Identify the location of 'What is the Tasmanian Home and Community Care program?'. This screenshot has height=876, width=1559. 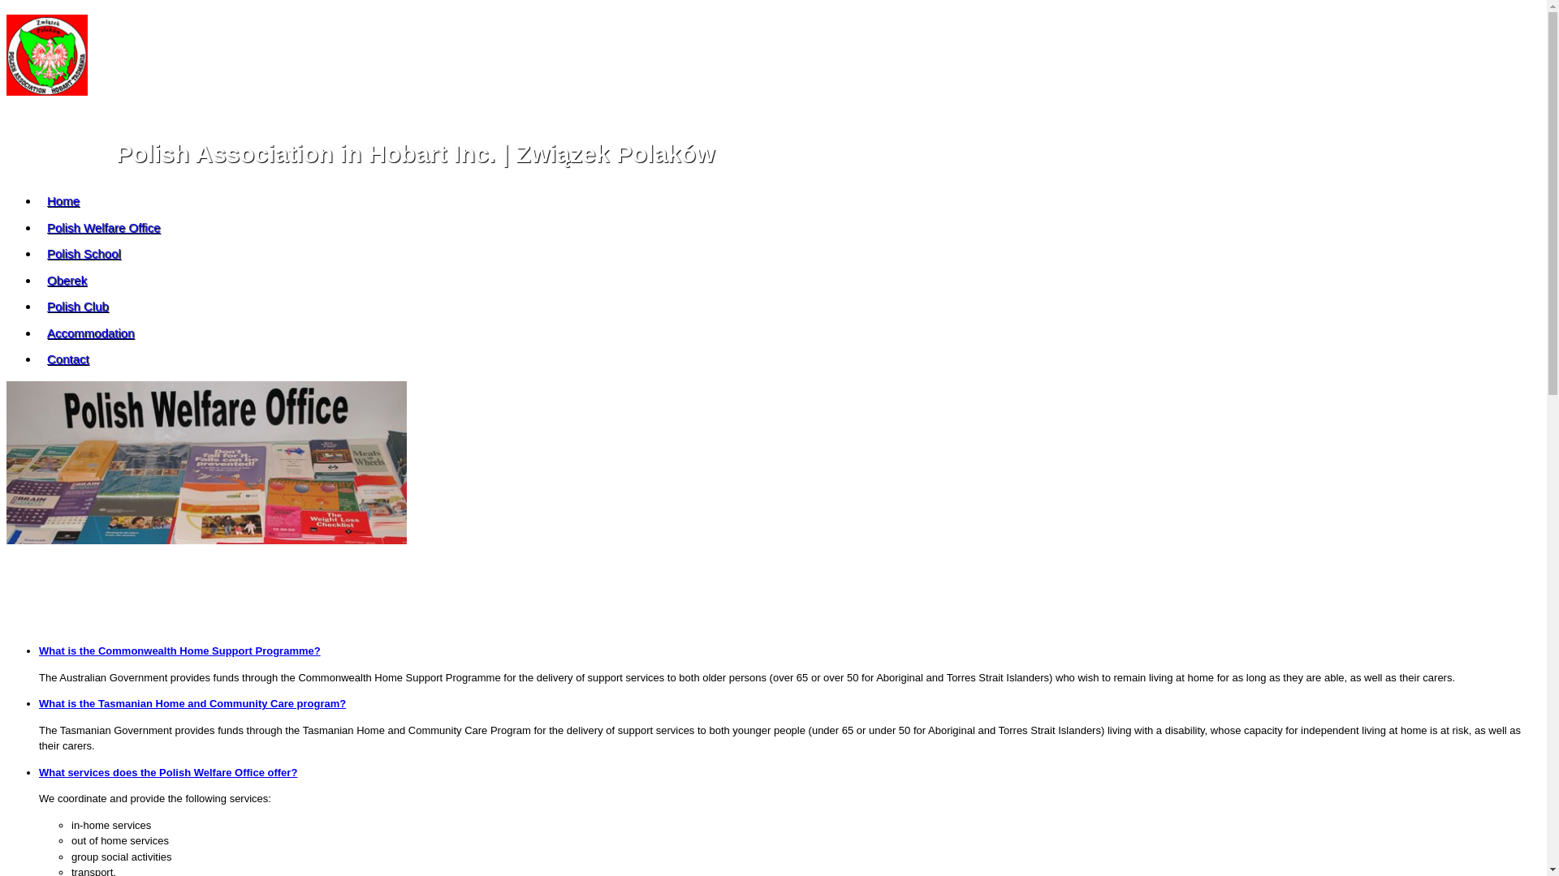
(192, 702).